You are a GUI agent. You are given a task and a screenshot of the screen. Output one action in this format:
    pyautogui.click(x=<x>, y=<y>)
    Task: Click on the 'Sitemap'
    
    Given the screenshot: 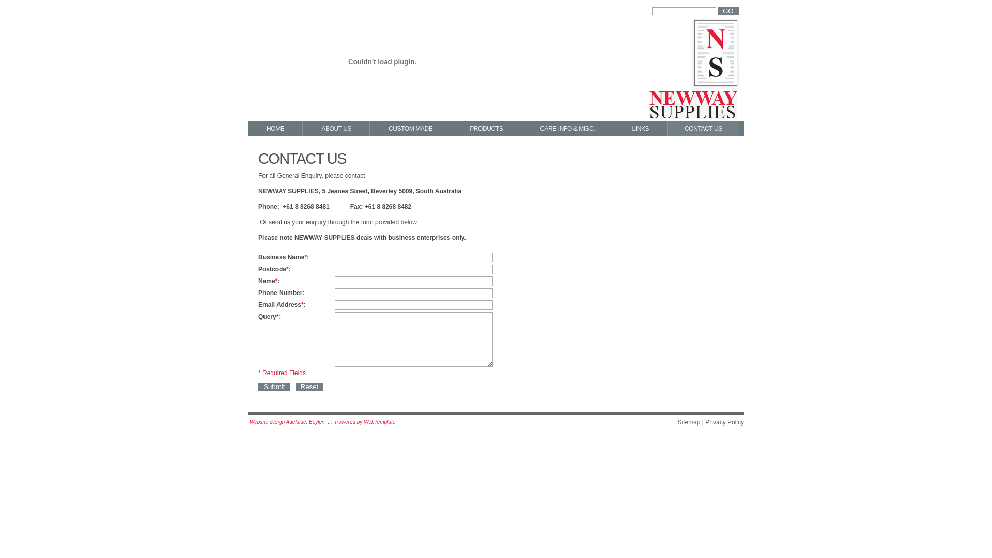 What is the action you would take?
    pyautogui.click(x=689, y=422)
    